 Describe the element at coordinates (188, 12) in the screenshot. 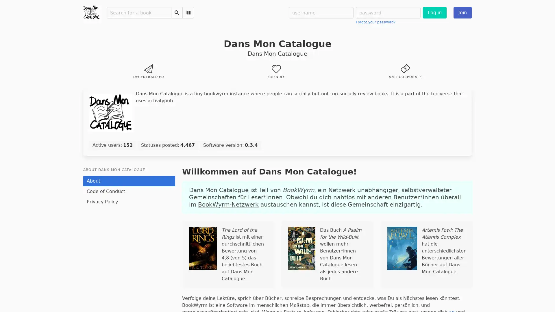

I see `Scan Barcode` at that location.